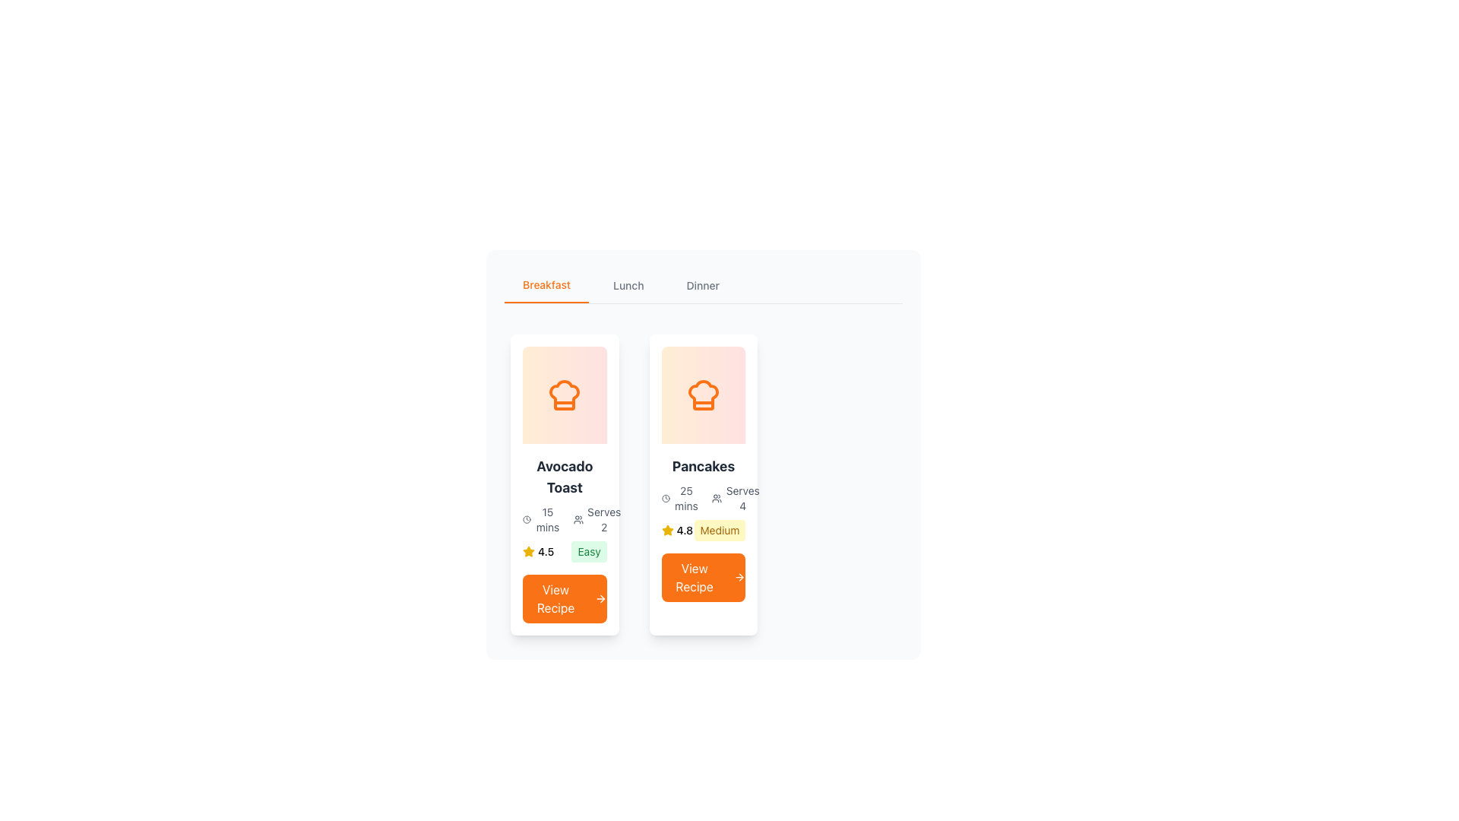 The image size is (1459, 821). Describe the element at coordinates (703, 453) in the screenshot. I see `the 'Pancakes' recipe card in the Breakfast section` at that location.